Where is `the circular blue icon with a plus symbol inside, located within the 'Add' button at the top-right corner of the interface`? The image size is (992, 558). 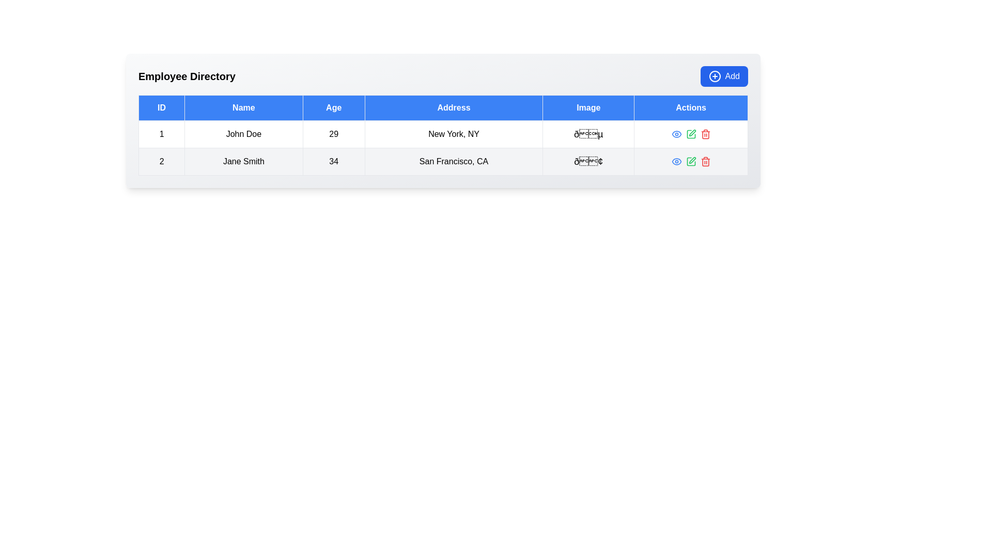 the circular blue icon with a plus symbol inside, located within the 'Add' button at the top-right corner of the interface is located at coordinates (714, 75).